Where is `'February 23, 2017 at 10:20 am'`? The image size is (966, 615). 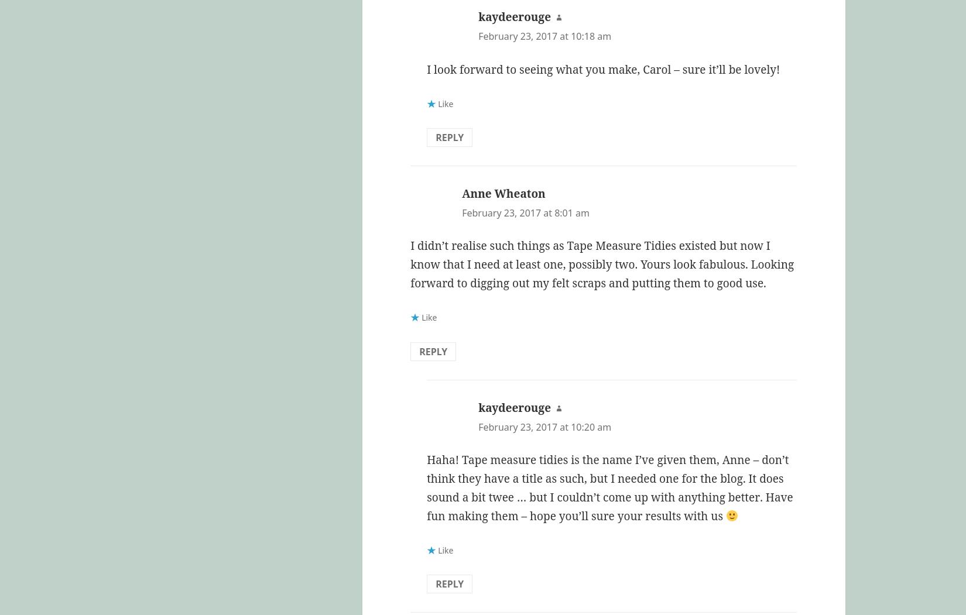
'February 23, 2017 at 10:20 am' is located at coordinates (544, 426).